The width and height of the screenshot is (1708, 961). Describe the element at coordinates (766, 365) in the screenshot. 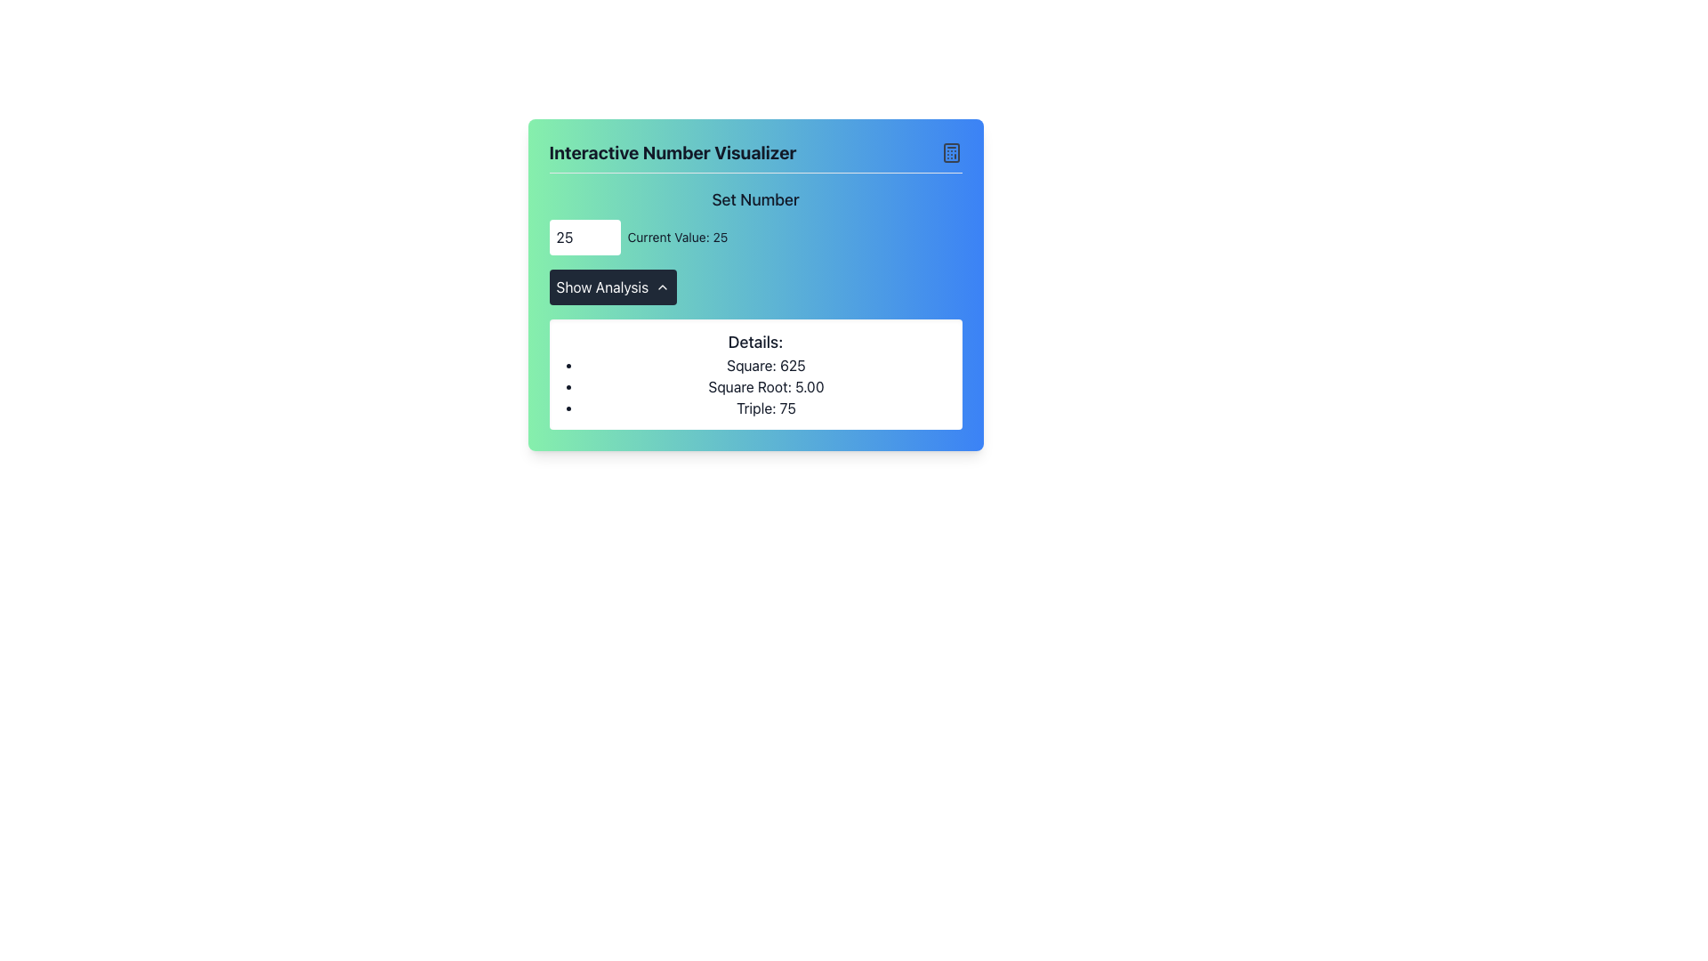

I see `the informational text about the square of the input number, which is the first item in the list below the heading 'Details'` at that location.